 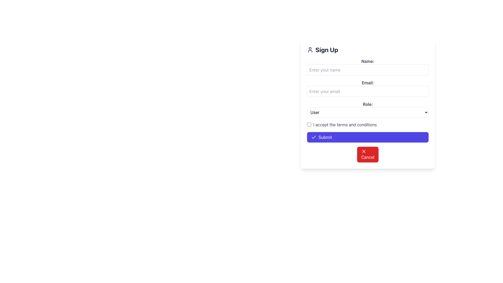 I want to click on the text label reading 'Role:' which is styled bold and dark gray, positioned above the dropdown menu labeled 'User' in the Sign Up form, so click(x=367, y=104).